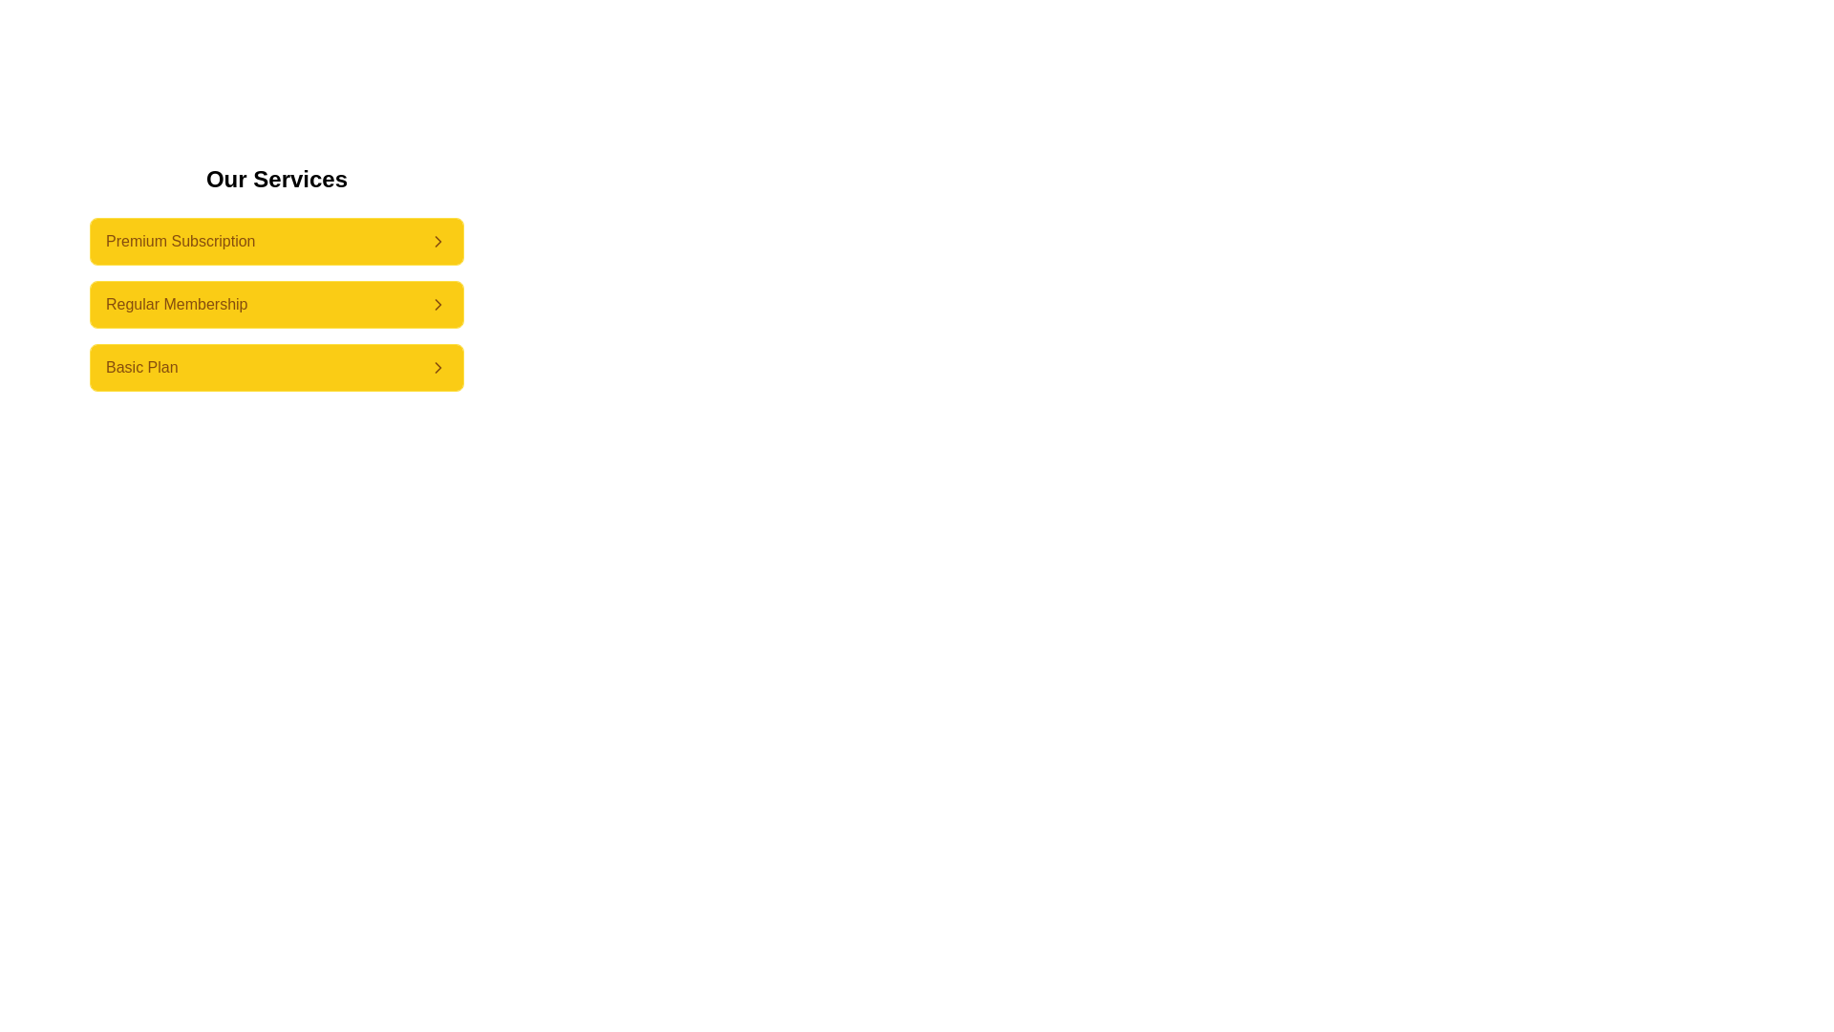 The image size is (1834, 1032). What do you see at coordinates (437, 241) in the screenshot?
I see `the right-pointing chevron icon in the 'Premium Subscription' list item` at bounding box center [437, 241].